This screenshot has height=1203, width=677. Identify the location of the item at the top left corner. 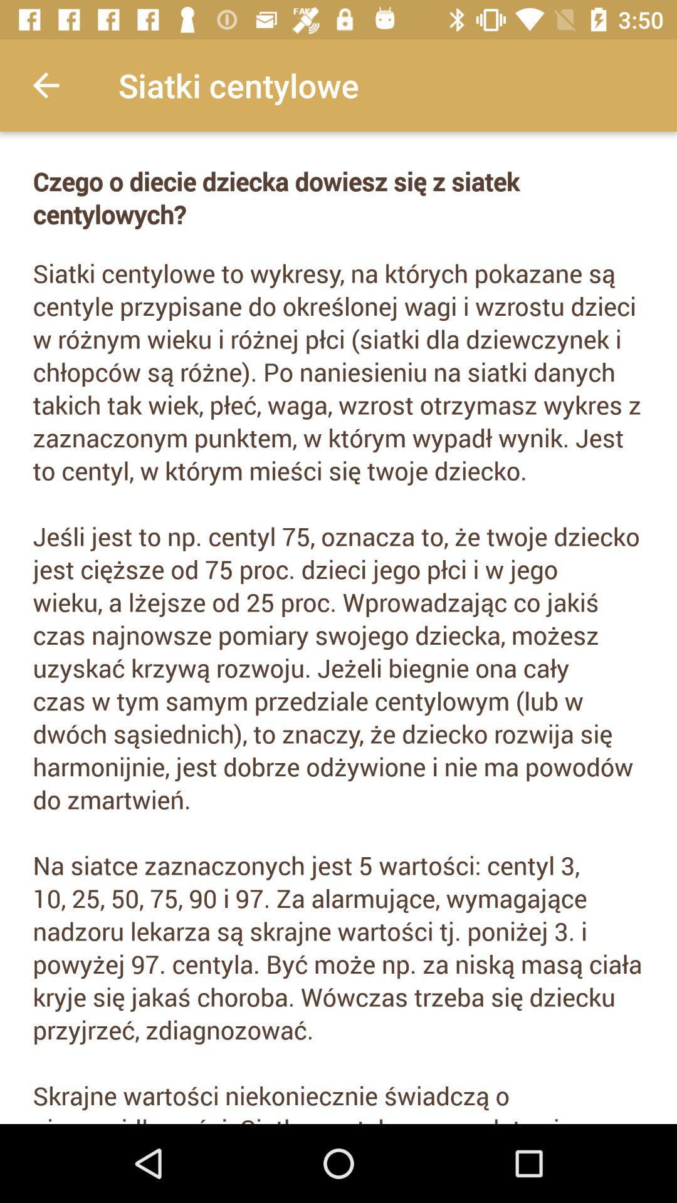
(45, 85).